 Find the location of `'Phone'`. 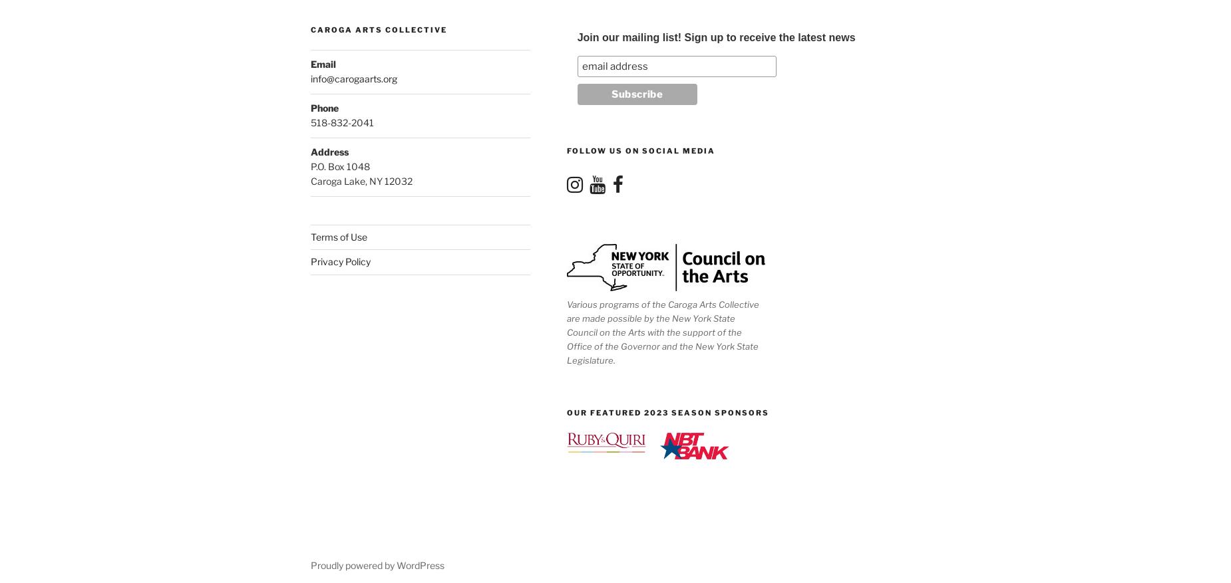

'Phone' is located at coordinates (325, 107).